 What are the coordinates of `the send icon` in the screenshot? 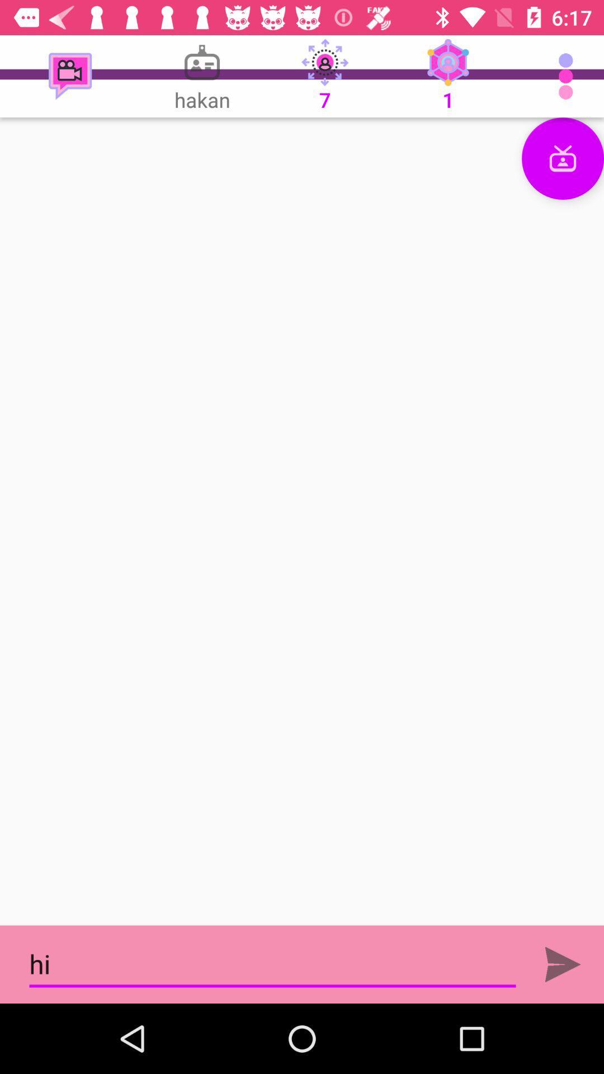 It's located at (563, 964).